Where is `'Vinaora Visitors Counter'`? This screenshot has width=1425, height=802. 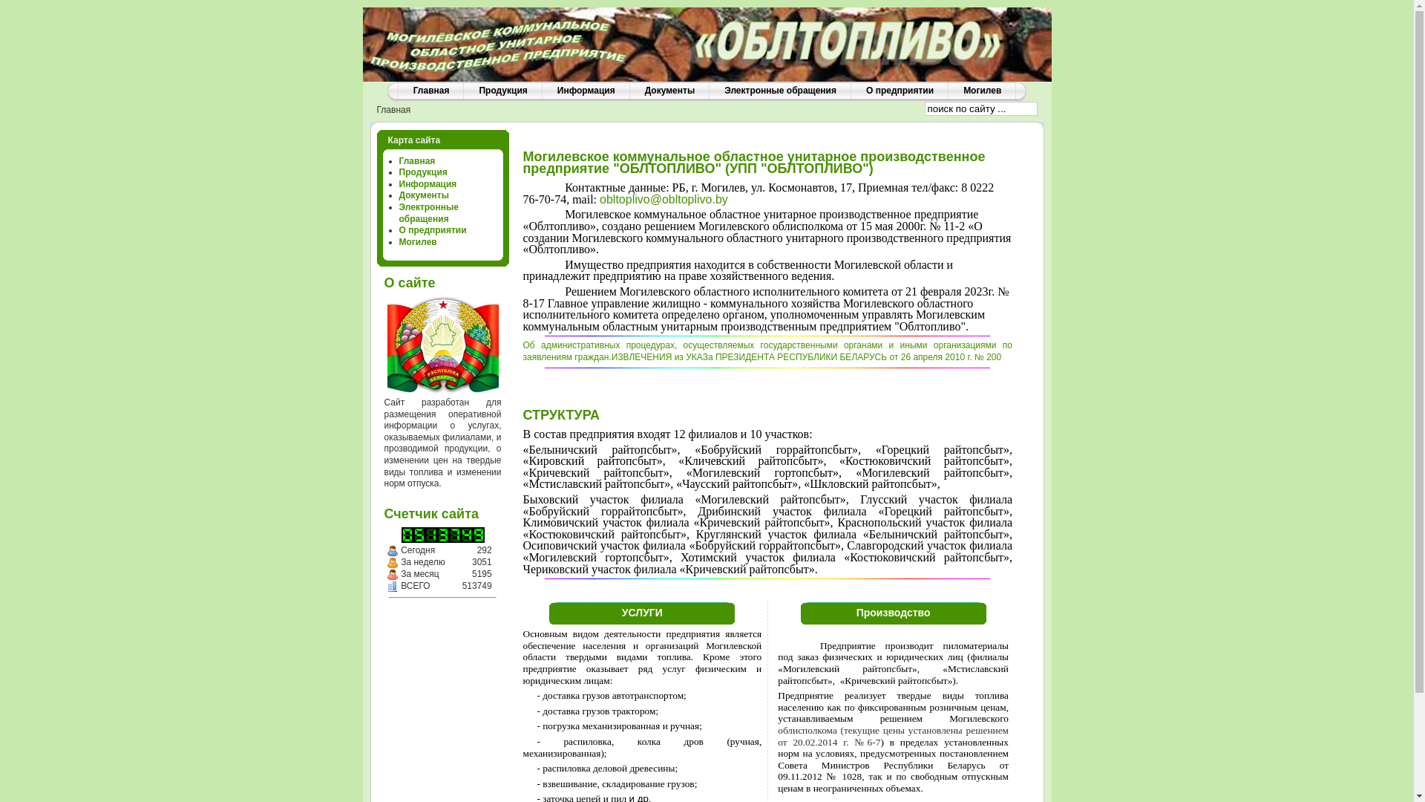 'Vinaora Visitors Counter' is located at coordinates (430, 535).